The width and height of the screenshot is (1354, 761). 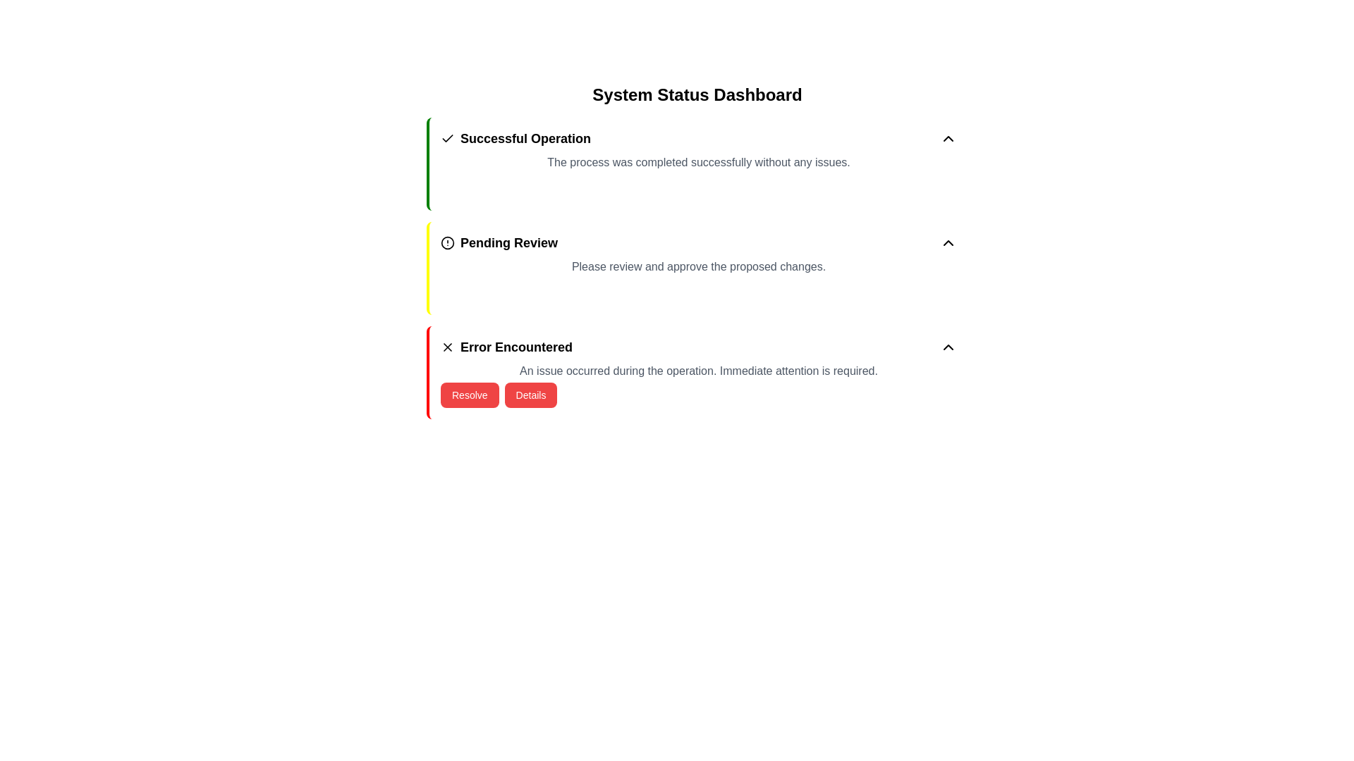 What do you see at coordinates (515, 138) in the screenshot?
I see `the Text Label with Icon that indicates successful completion of a process, located at the first position in the vertical list of status items` at bounding box center [515, 138].